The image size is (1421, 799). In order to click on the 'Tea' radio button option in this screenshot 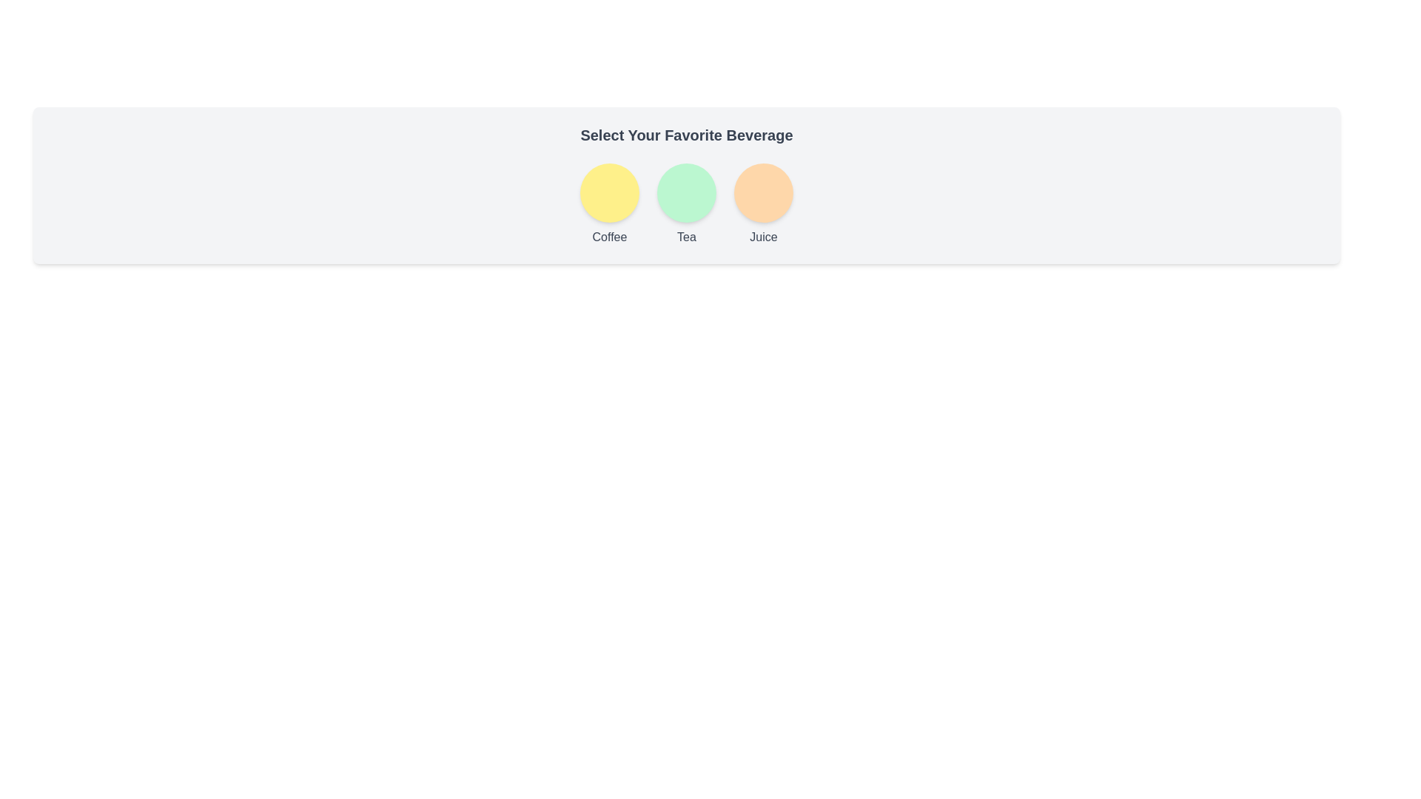, I will do `click(685, 202)`.